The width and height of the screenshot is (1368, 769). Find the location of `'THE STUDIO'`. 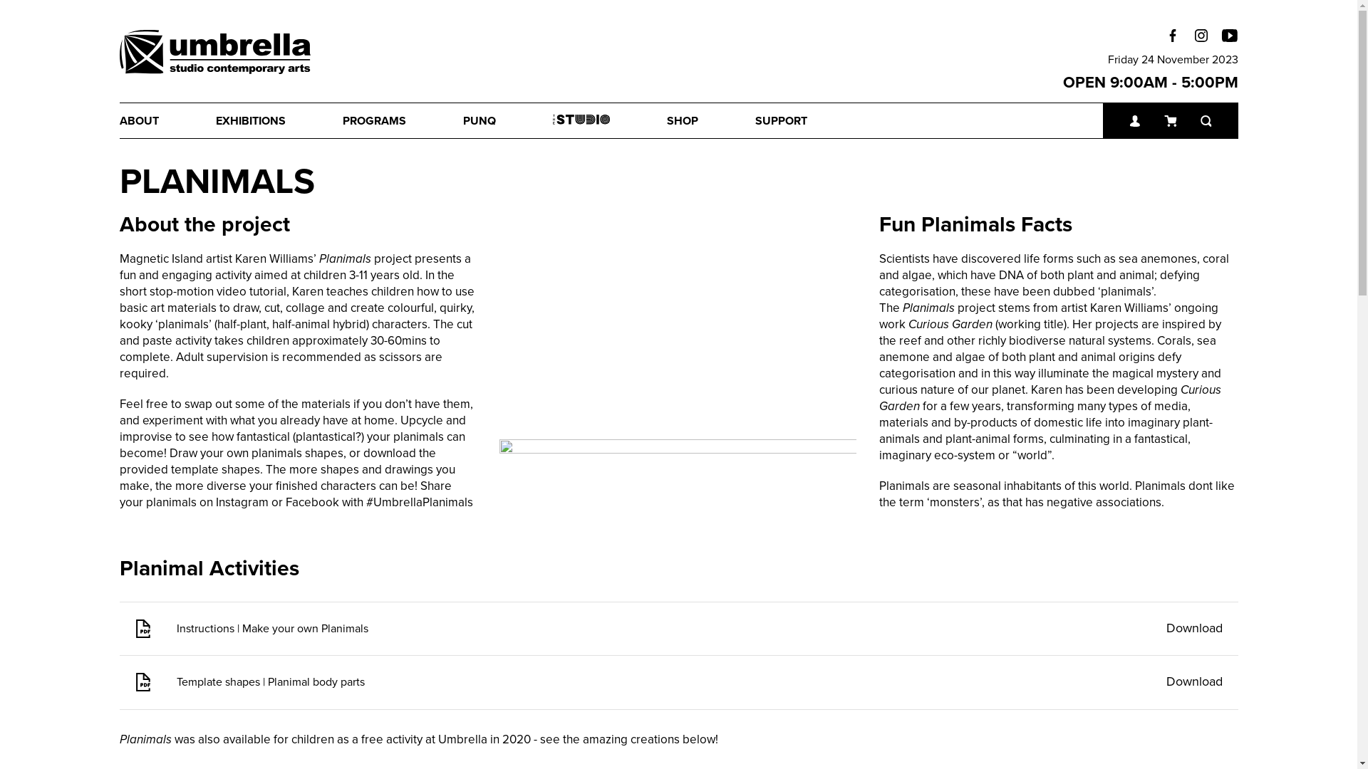

'THE STUDIO' is located at coordinates (609, 120).